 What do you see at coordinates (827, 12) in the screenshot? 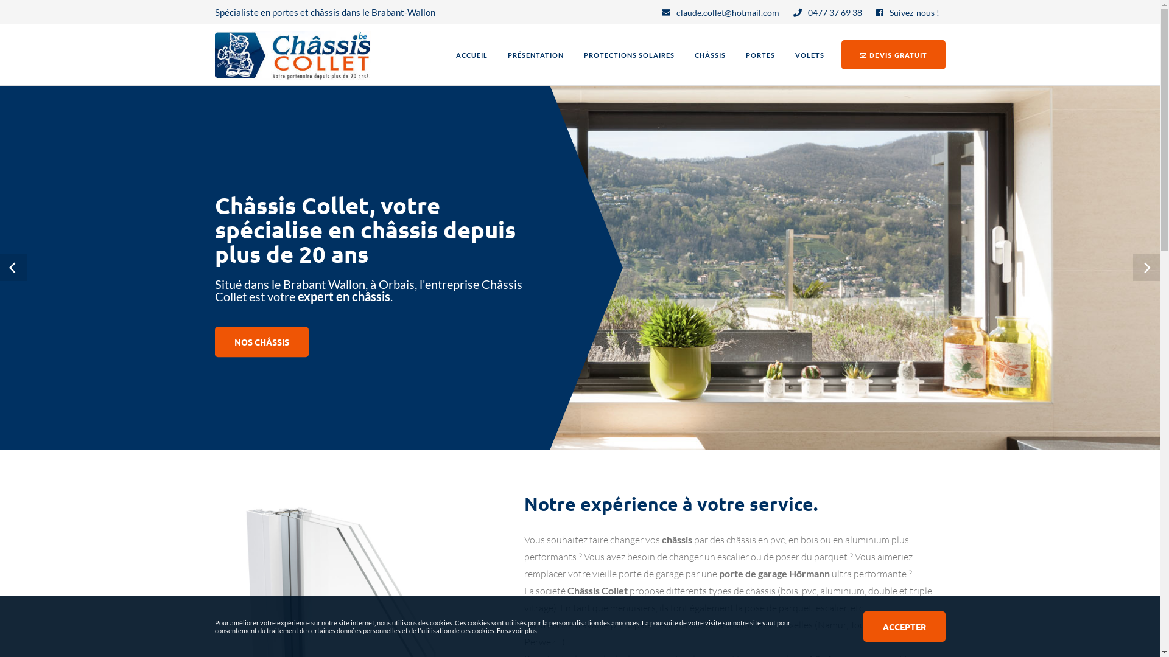
I see `'0477 37 69 38'` at bounding box center [827, 12].